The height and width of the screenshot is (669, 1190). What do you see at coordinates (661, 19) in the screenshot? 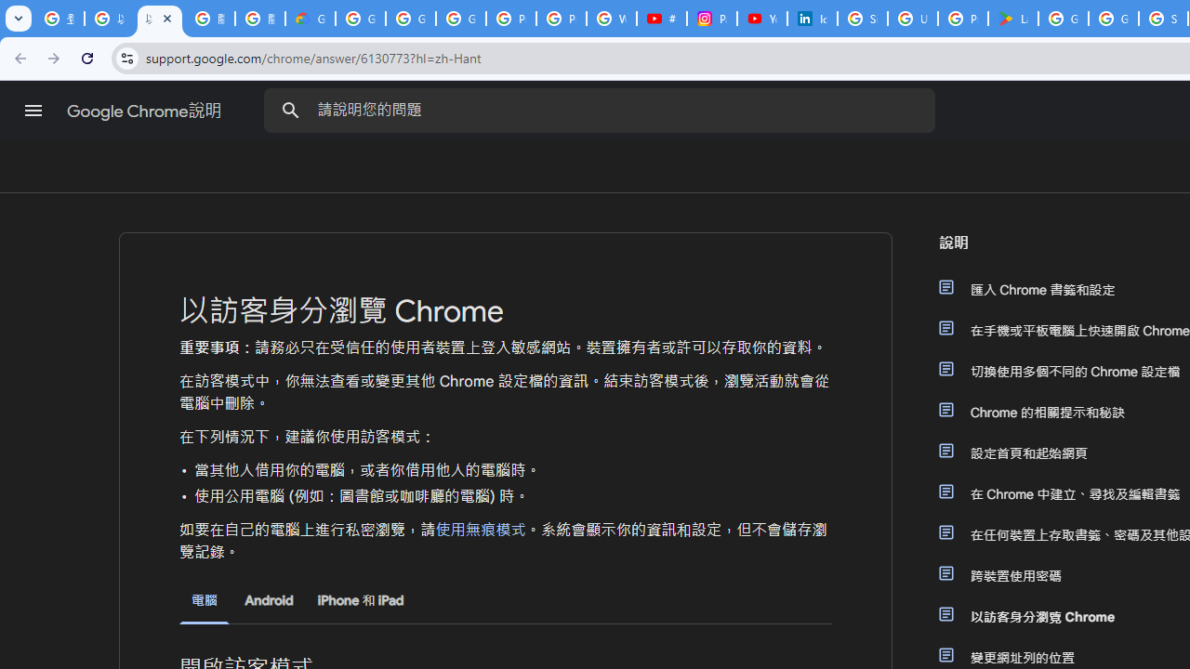
I see `'#nbabasketballhighlights - YouTube'` at bounding box center [661, 19].